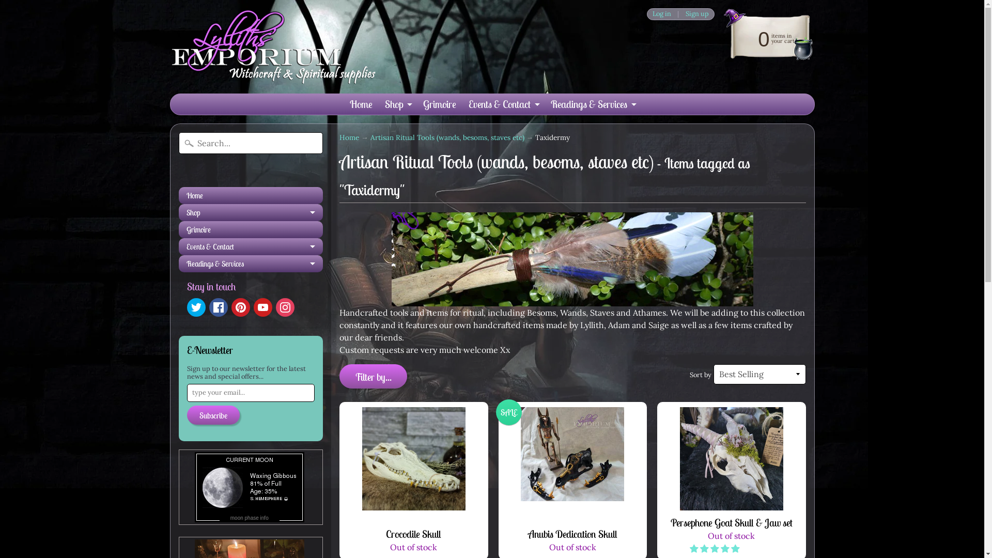 The height and width of the screenshot is (558, 992). What do you see at coordinates (208, 306) in the screenshot?
I see `'Facebook'` at bounding box center [208, 306].